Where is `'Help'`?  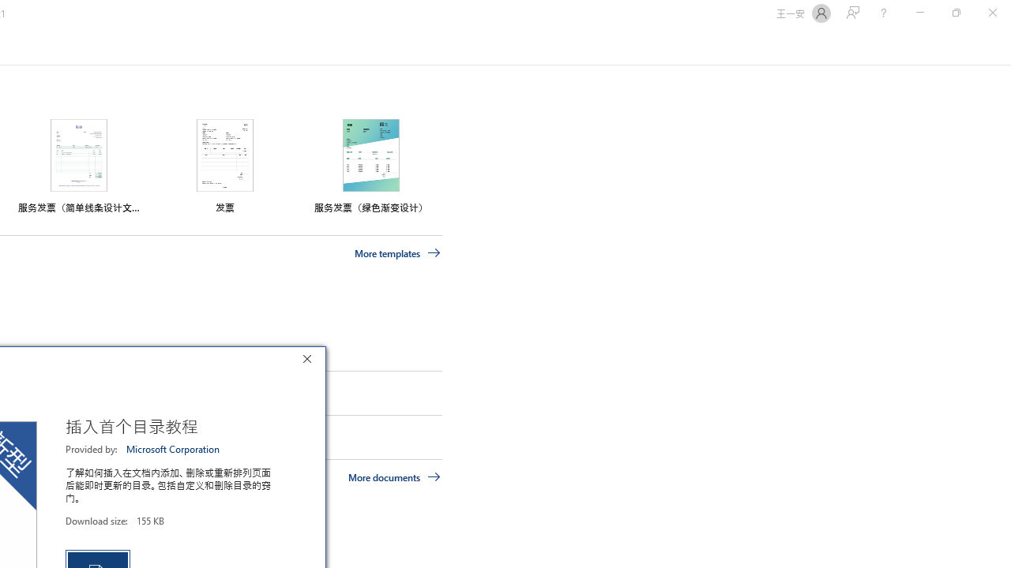 'Help' is located at coordinates (882, 13).